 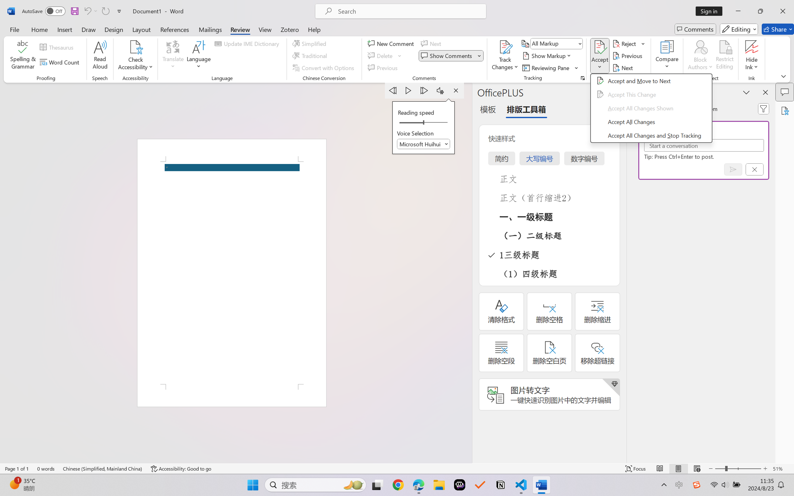 What do you see at coordinates (625, 43) in the screenshot?
I see `'Reject and Move to Next'` at bounding box center [625, 43].